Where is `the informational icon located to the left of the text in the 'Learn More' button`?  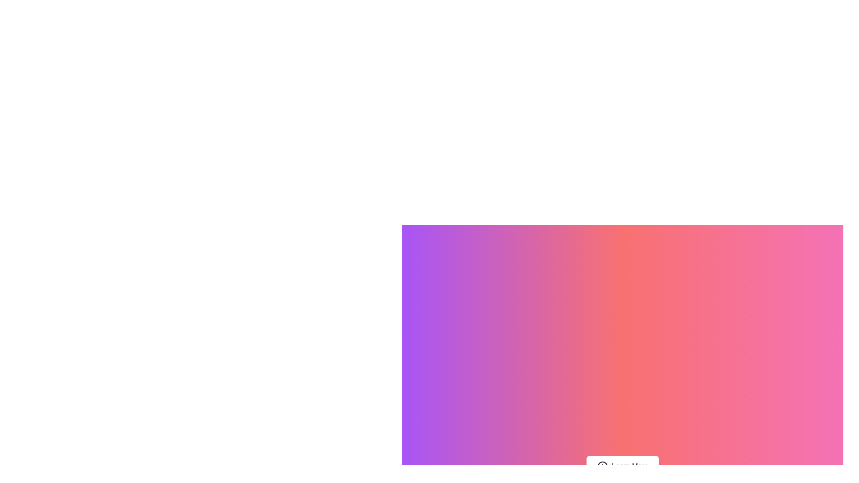
the informational icon located to the left of the text in the 'Learn More' button is located at coordinates (603, 466).